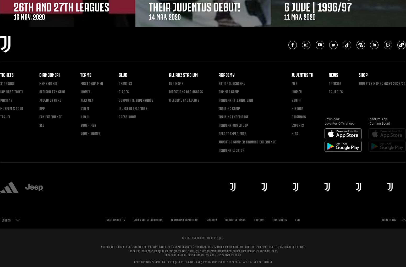 This screenshot has width=406, height=267. I want to click on 'History', so click(297, 108).